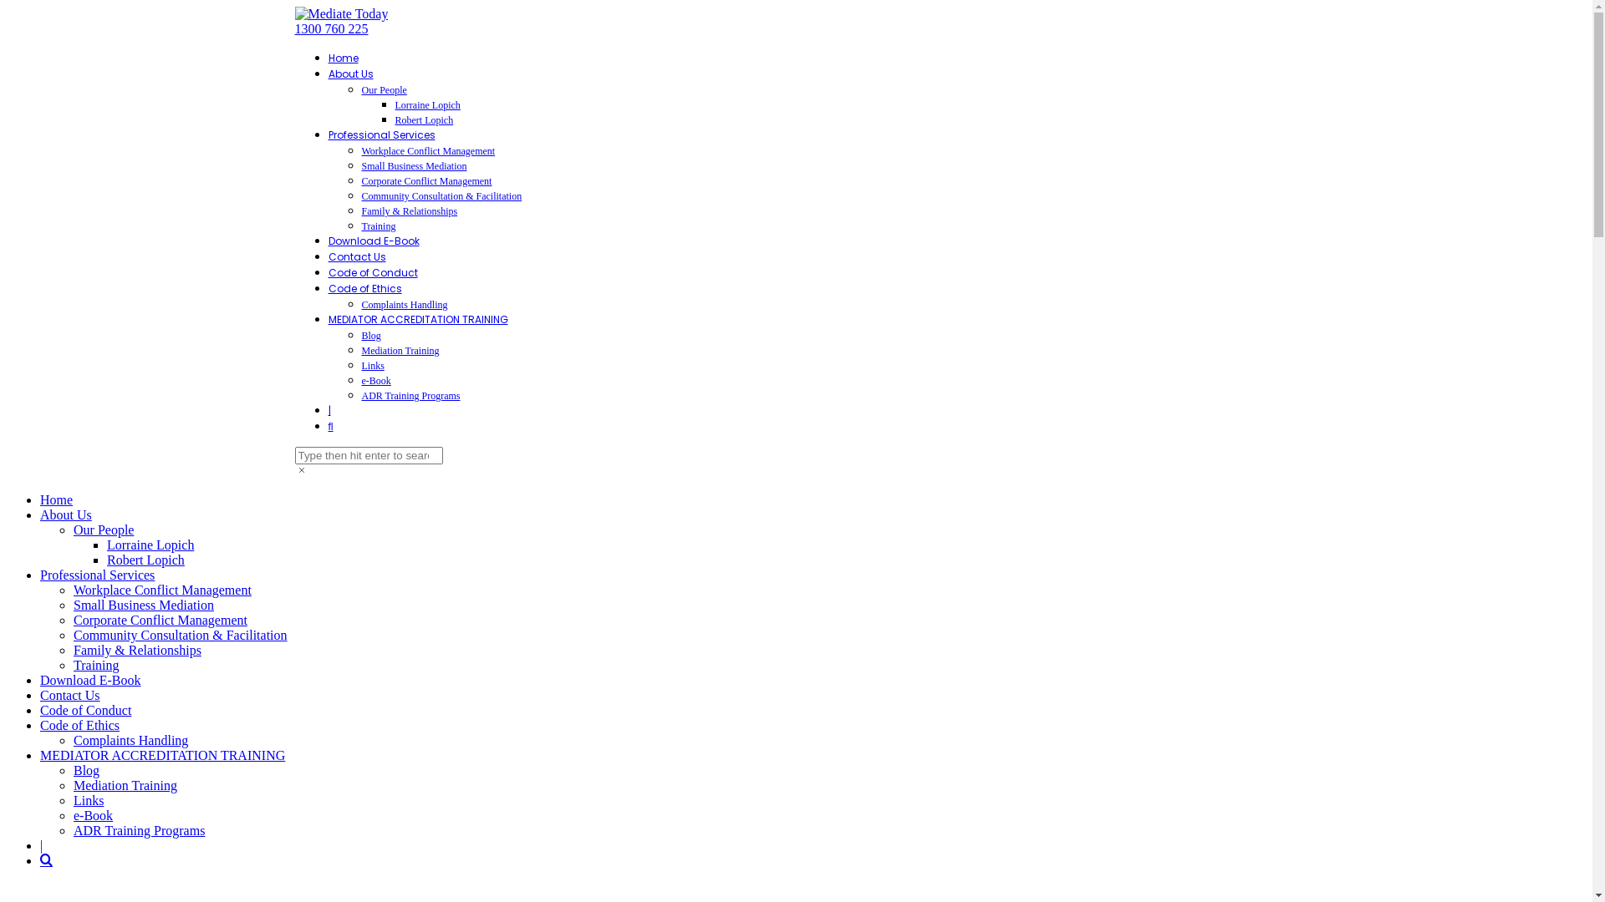  What do you see at coordinates (139, 830) in the screenshot?
I see `'ADR Training Programs'` at bounding box center [139, 830].